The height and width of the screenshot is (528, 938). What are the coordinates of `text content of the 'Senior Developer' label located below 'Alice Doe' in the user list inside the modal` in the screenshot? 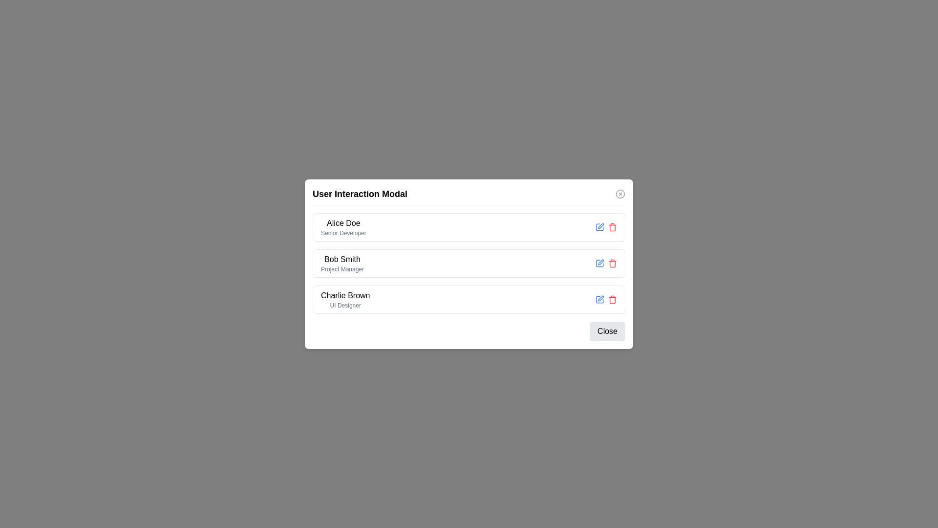 It's located at (343, 233).